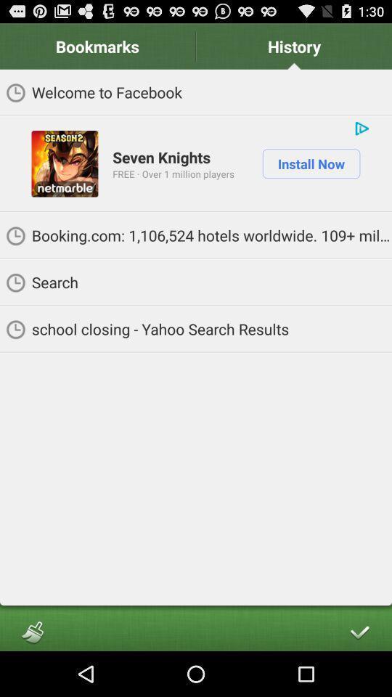  I want to click on free over 1 icon, so click(173, 174).